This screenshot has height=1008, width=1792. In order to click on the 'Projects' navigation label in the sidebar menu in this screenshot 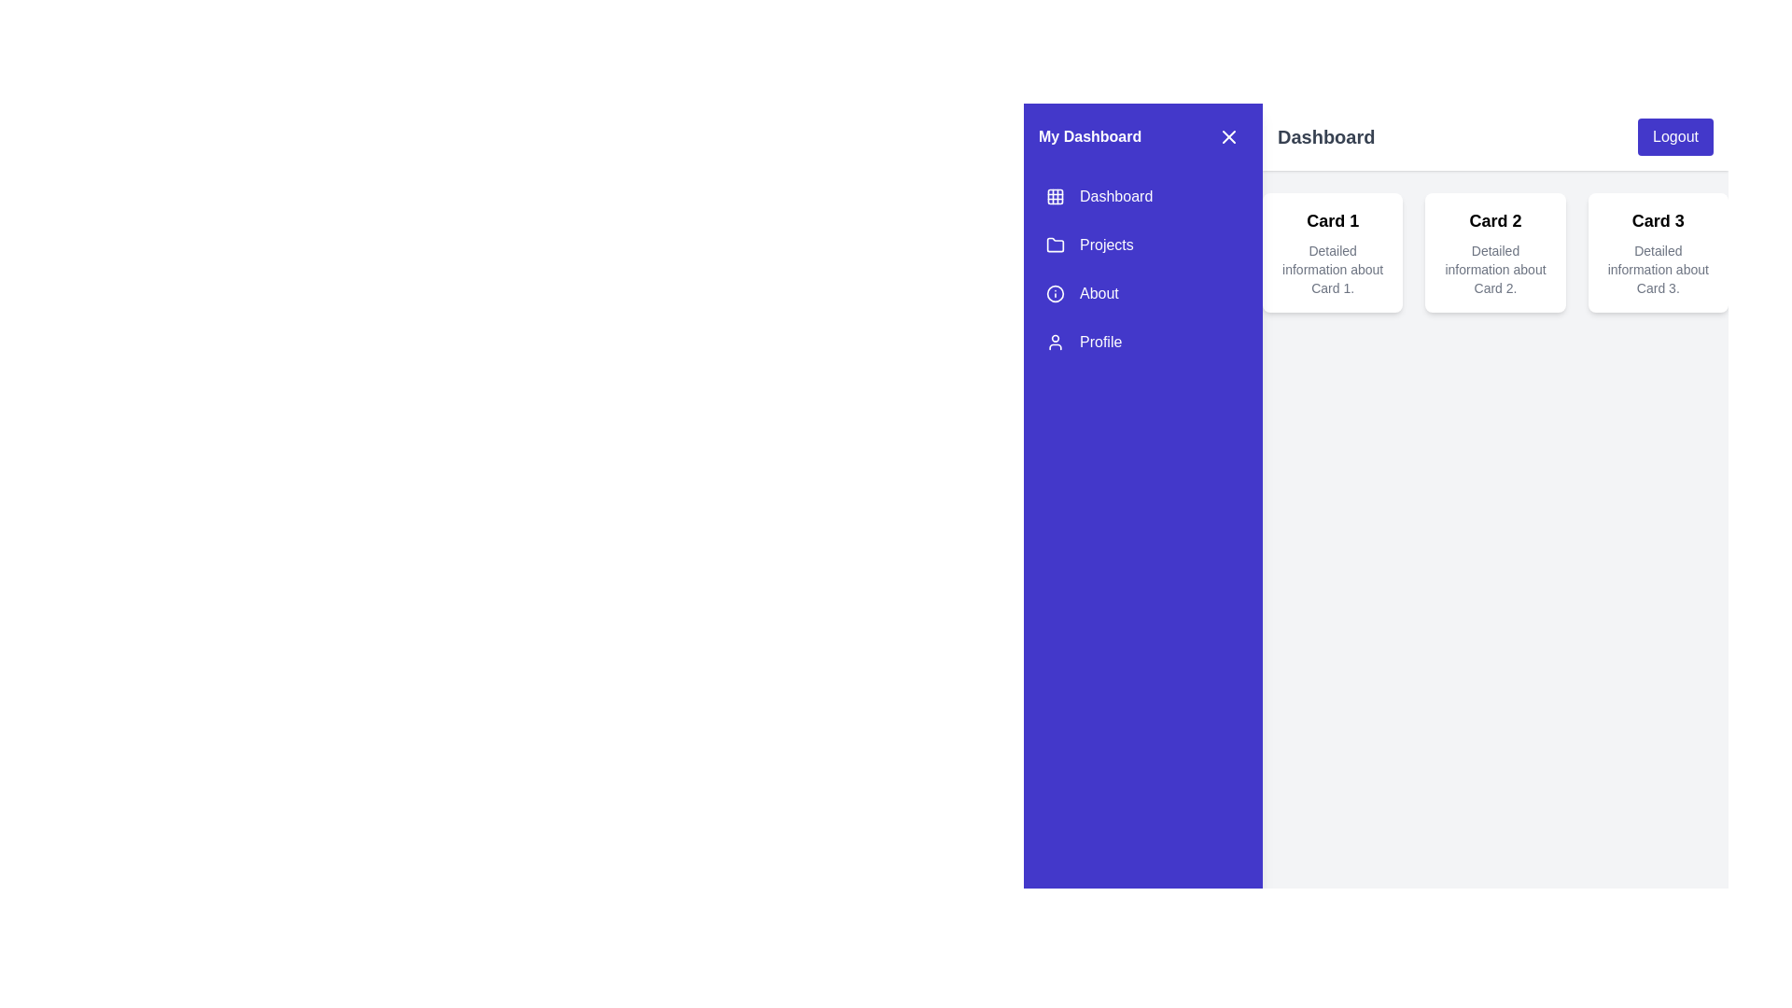, I will do `click(1106, 244)`.